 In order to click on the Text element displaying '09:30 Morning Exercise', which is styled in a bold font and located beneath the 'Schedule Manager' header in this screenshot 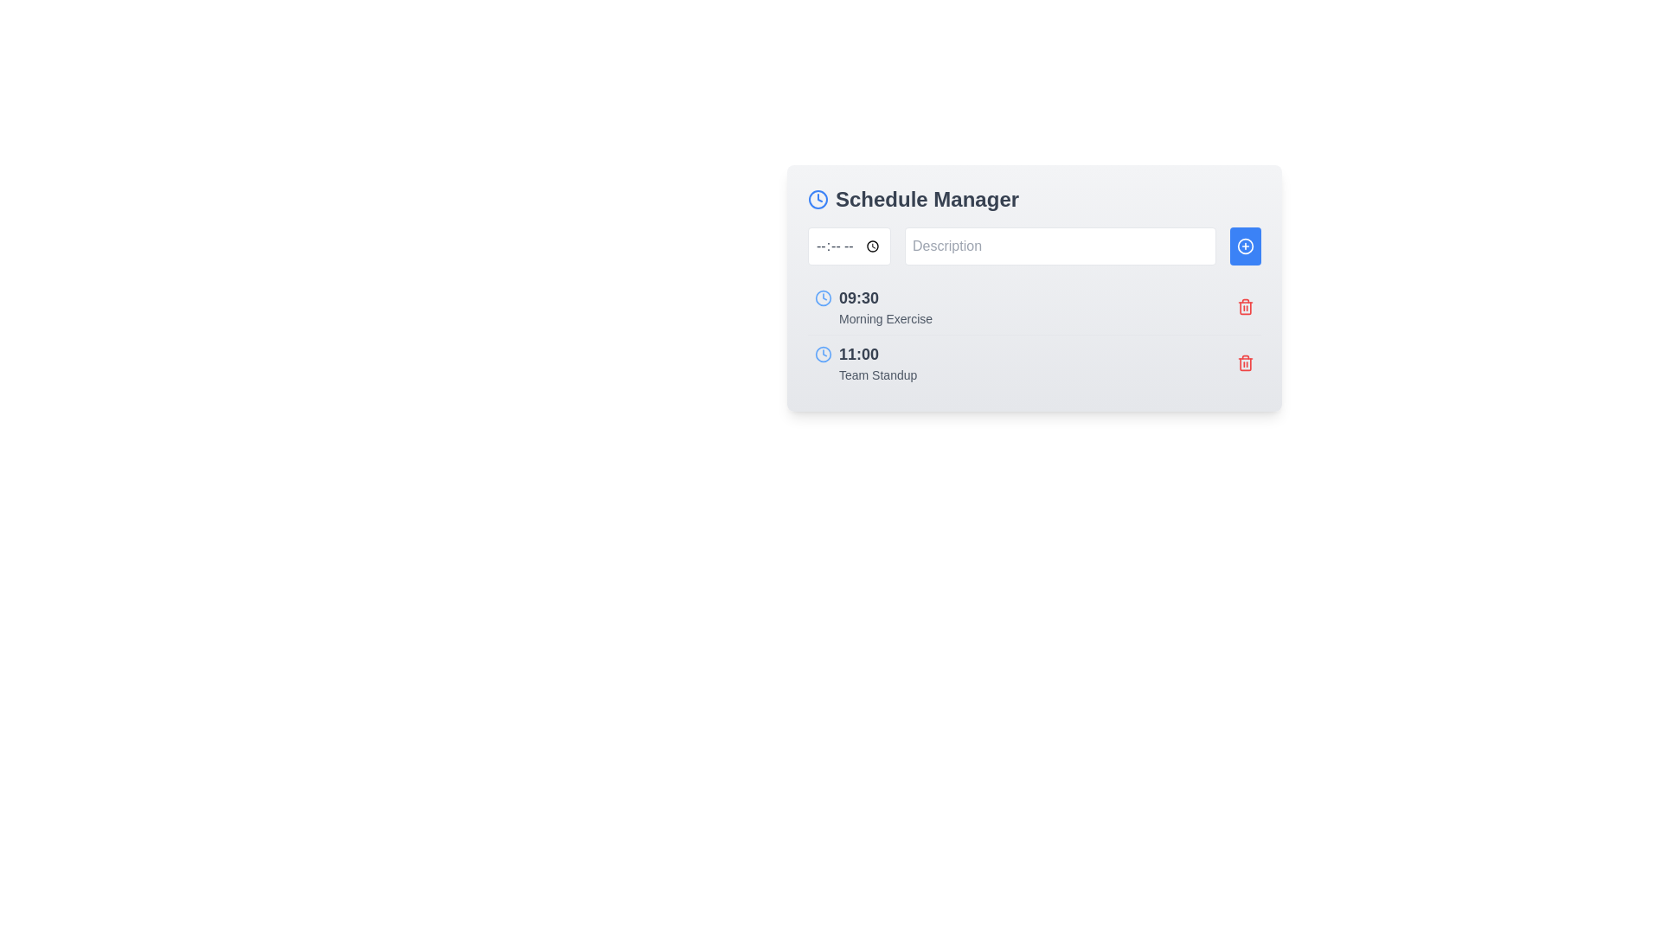, I will do `click(874, 305)`.